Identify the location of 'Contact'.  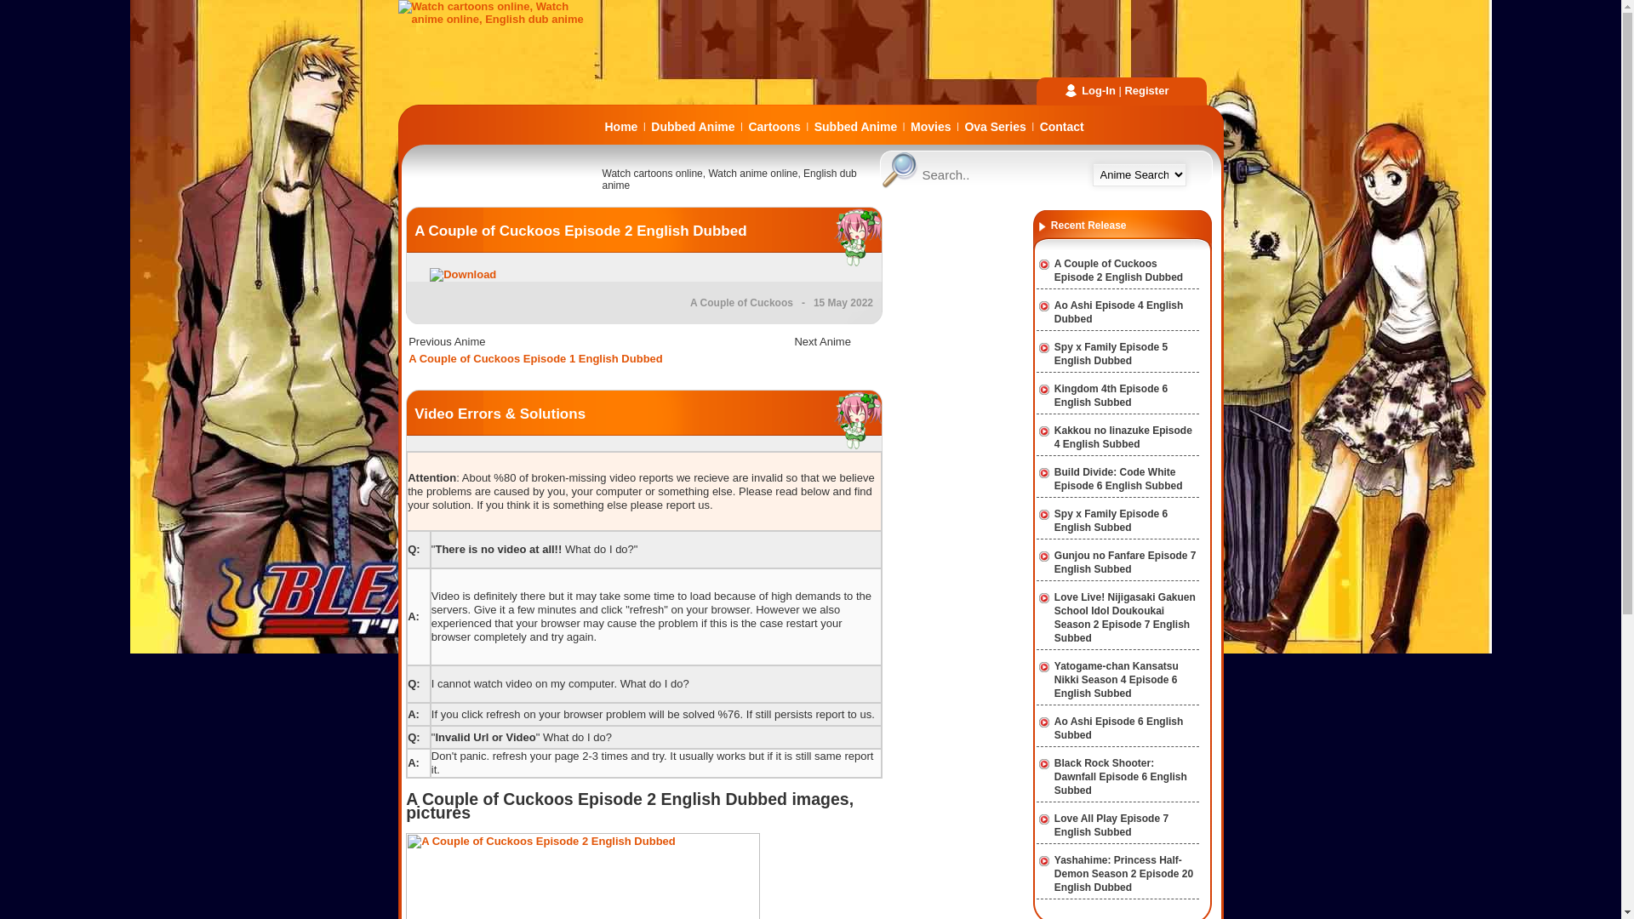
(1061, 126).